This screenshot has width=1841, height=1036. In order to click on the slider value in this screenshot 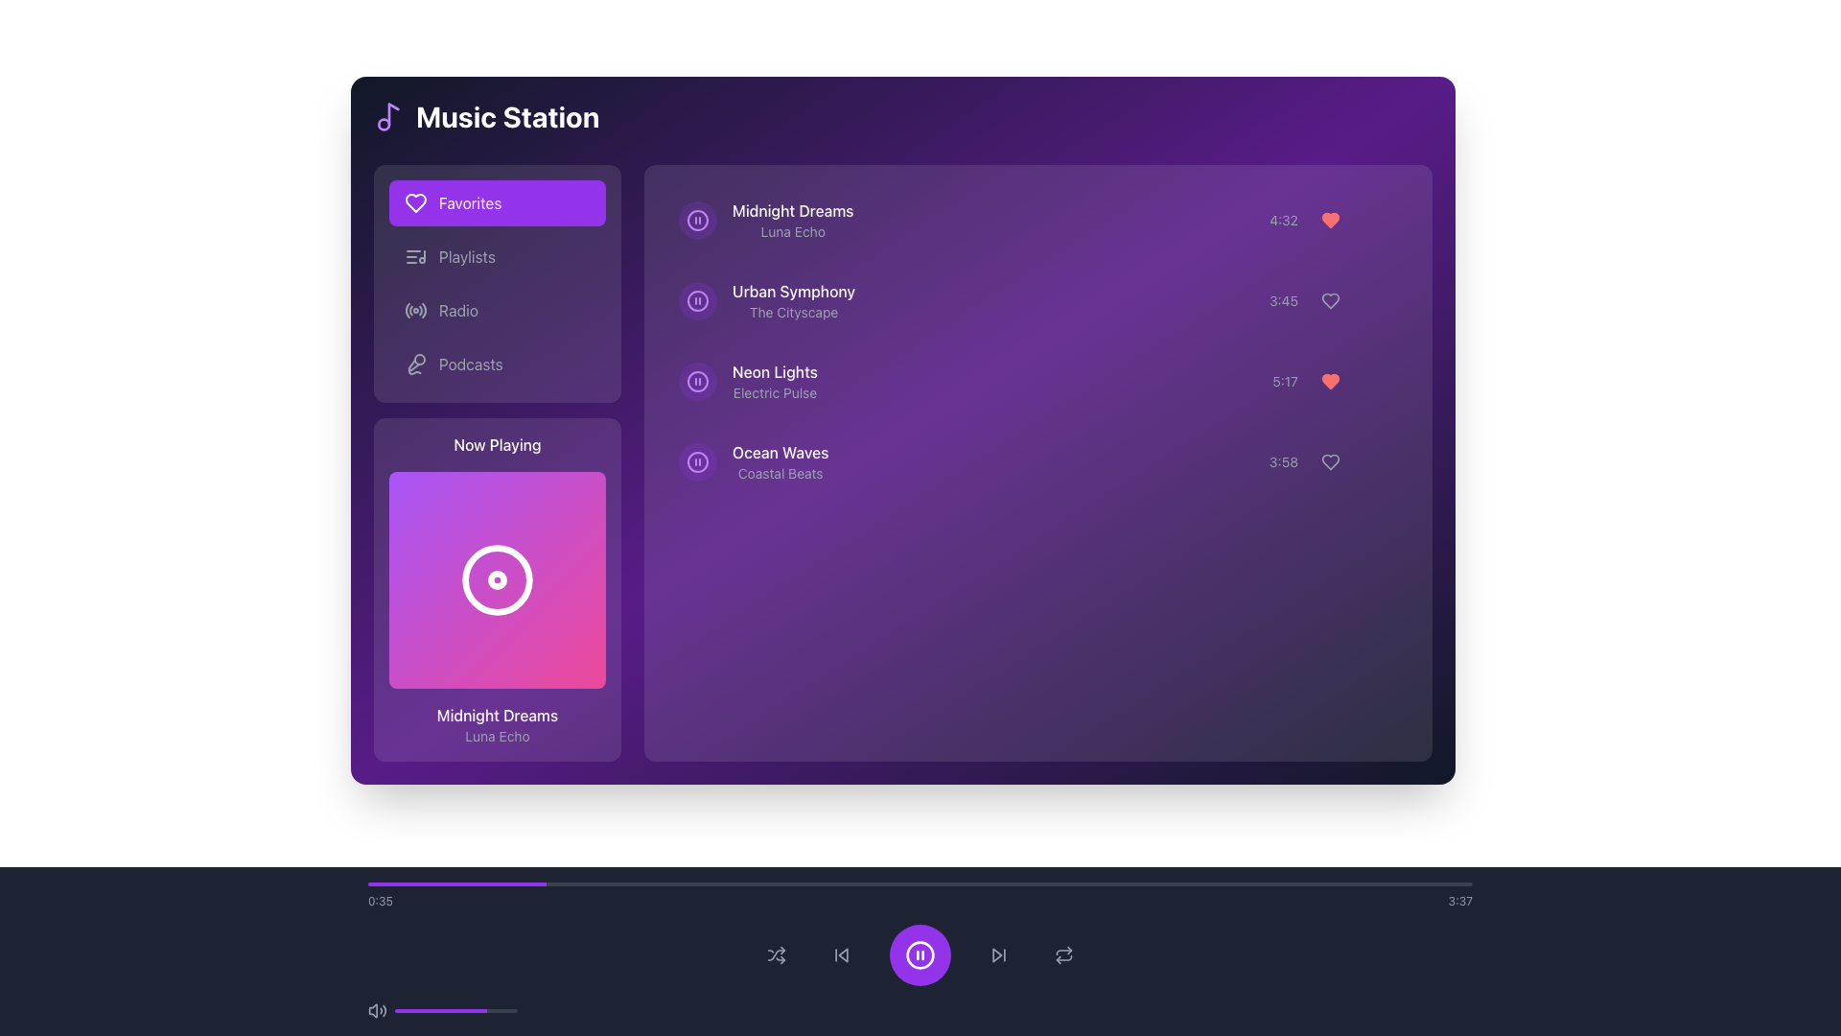, I will do `click(487, 1009)`.